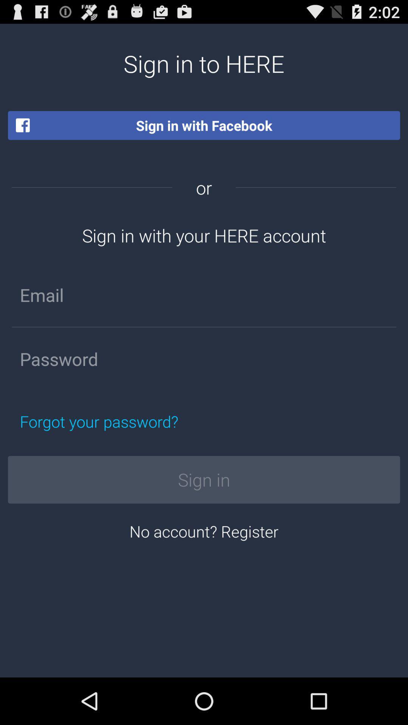 This screenshot has width=408, height=725. I want to click on icon below sign in item, so click(204, 531).